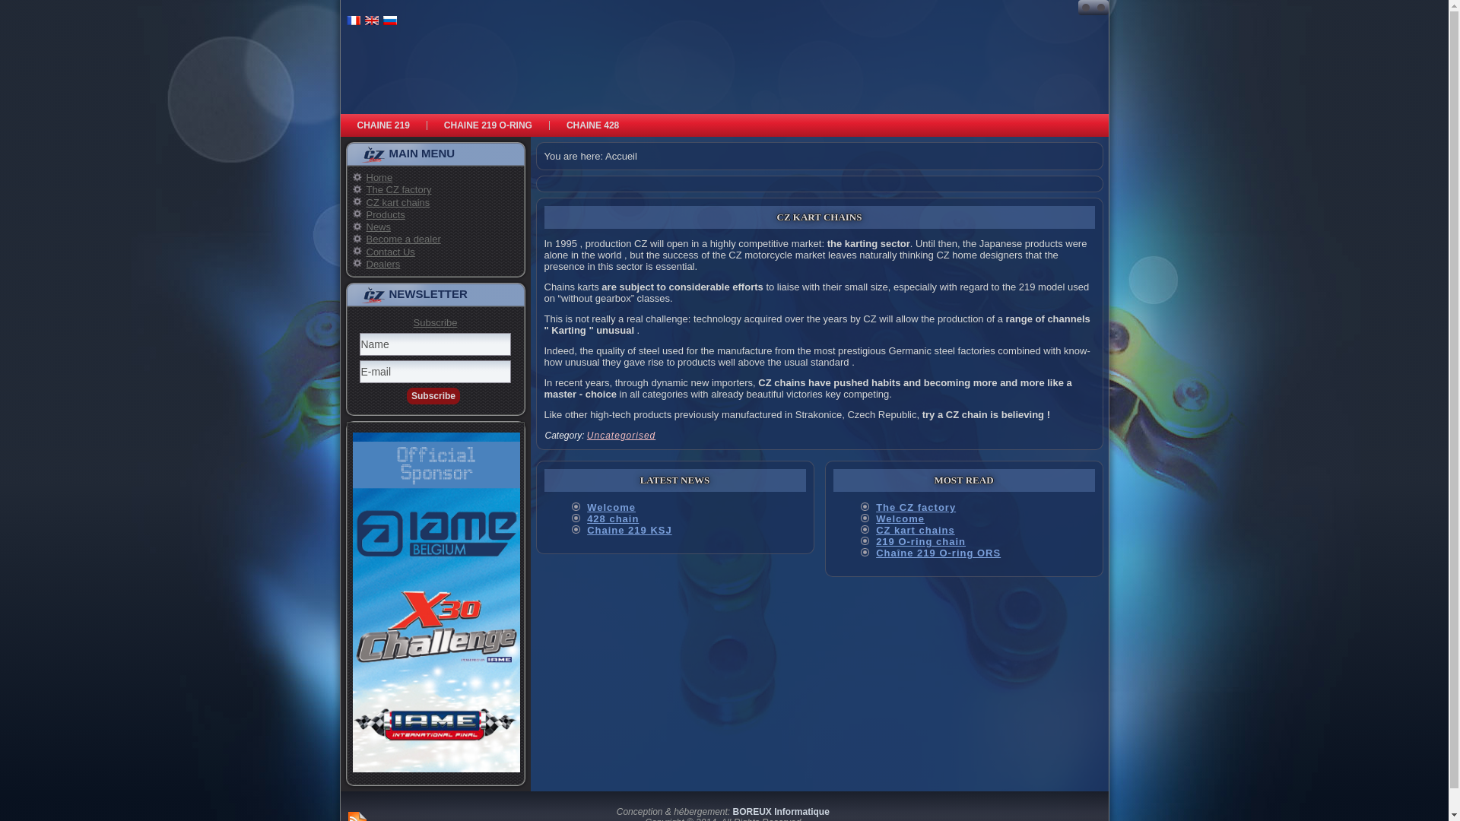 This screenshot has height=821, width=1460. I want to click on 'Chaine 219 KSJ', so click(630, 529).